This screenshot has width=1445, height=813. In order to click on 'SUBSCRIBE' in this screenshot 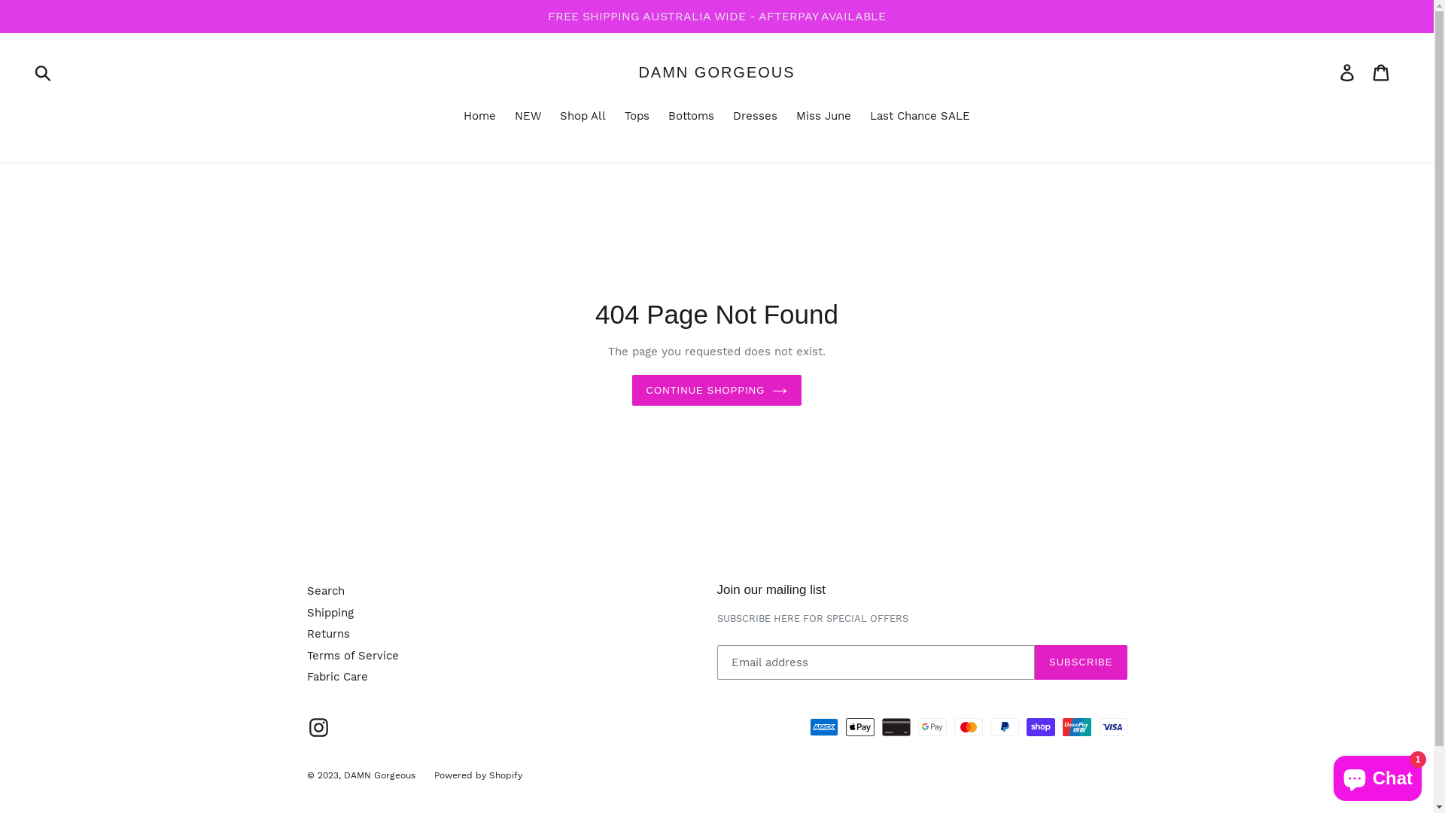, I will do `click(1080, 661)`.